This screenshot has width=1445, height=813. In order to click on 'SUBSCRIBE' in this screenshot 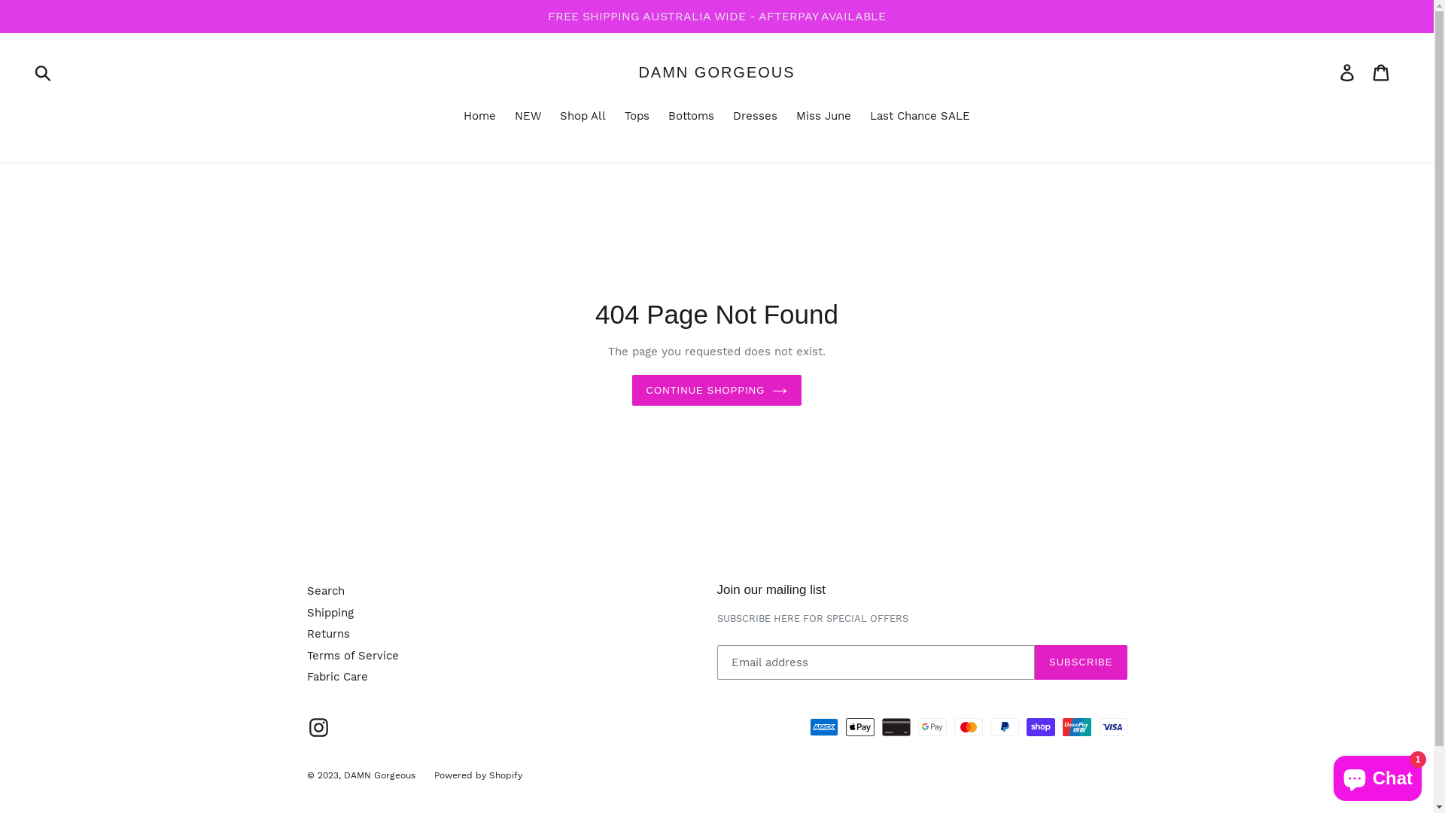, I will do `click(1080, 661)`.